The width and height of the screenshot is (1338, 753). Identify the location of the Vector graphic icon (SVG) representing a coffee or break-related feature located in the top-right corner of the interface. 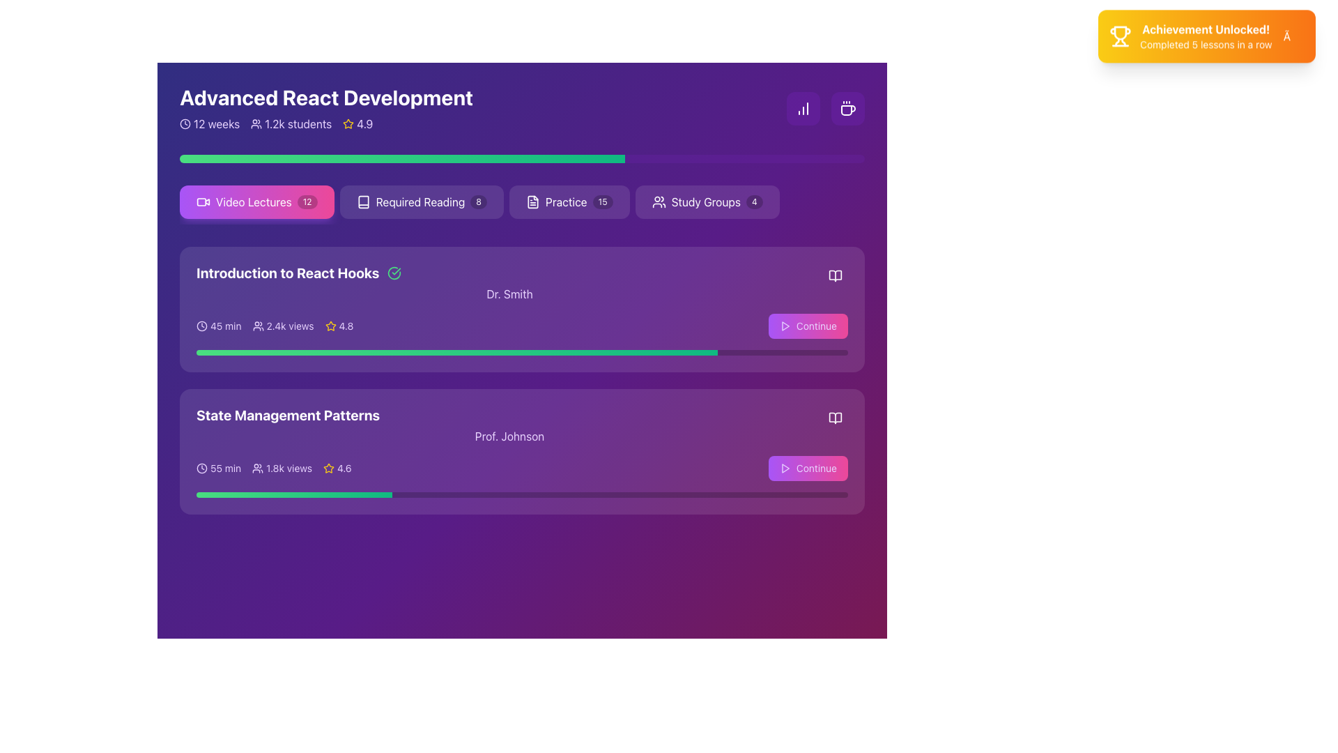
(847, 109).